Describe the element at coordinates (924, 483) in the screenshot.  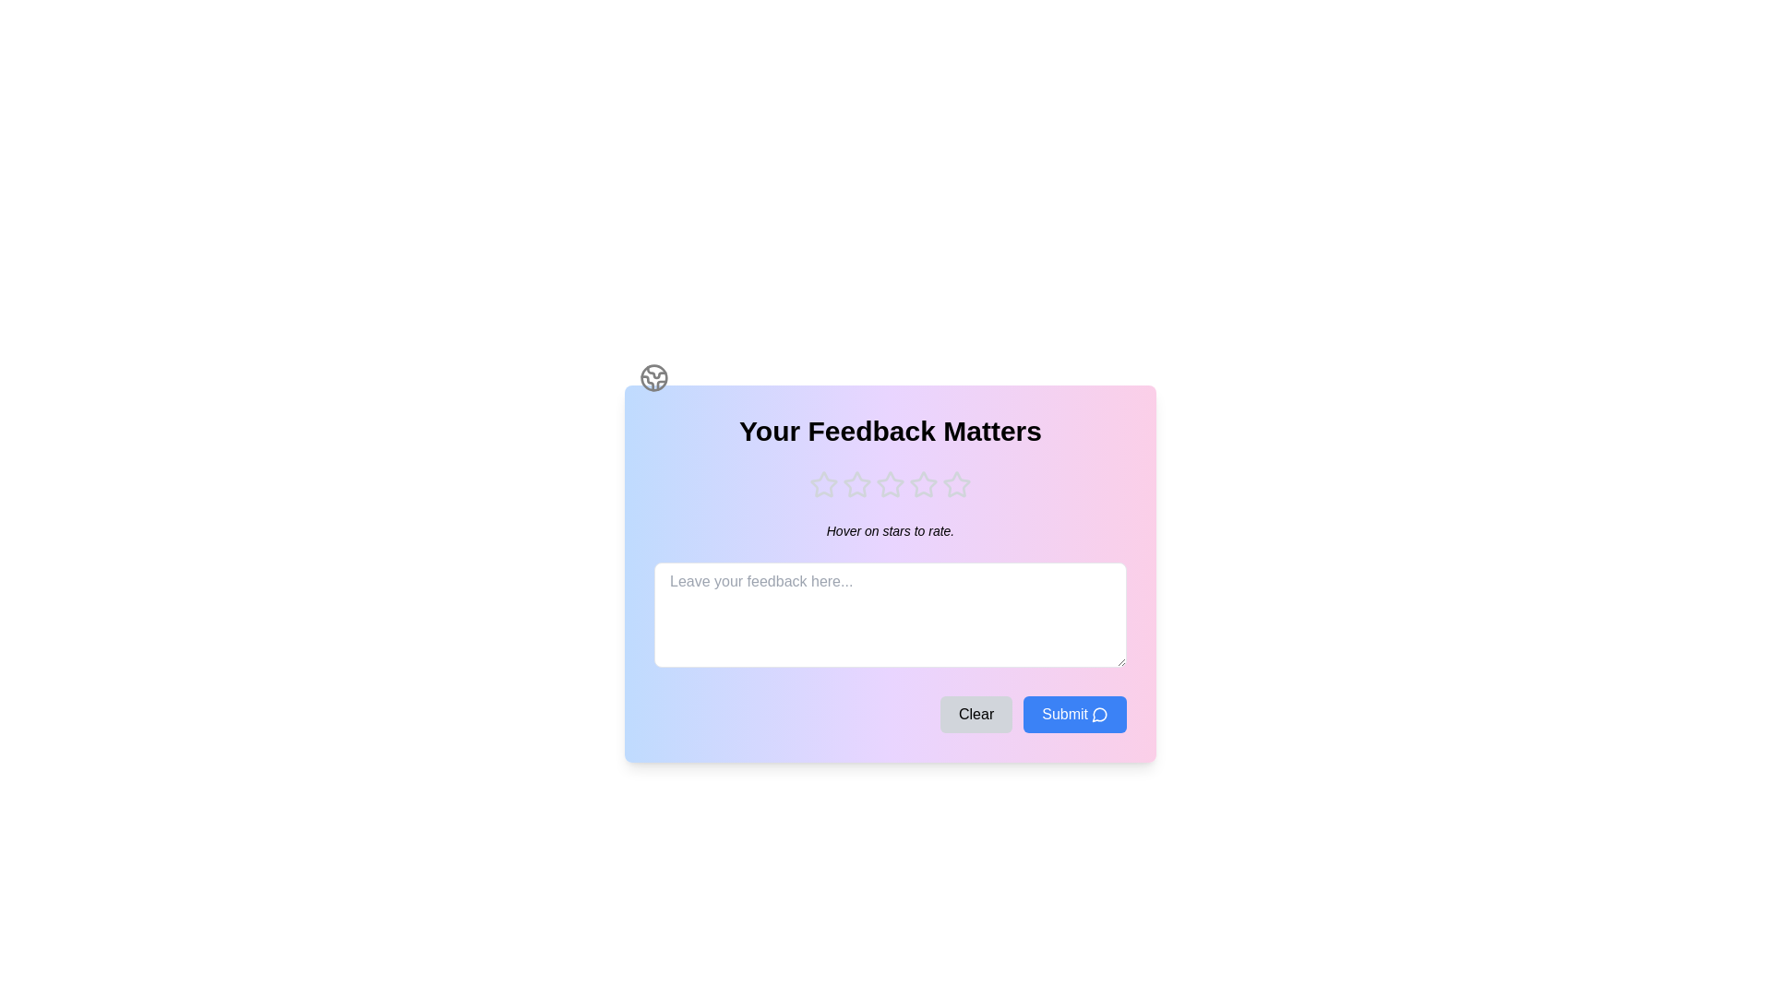
I see `the star rating to 4 by clicking on the respective star` at that location.